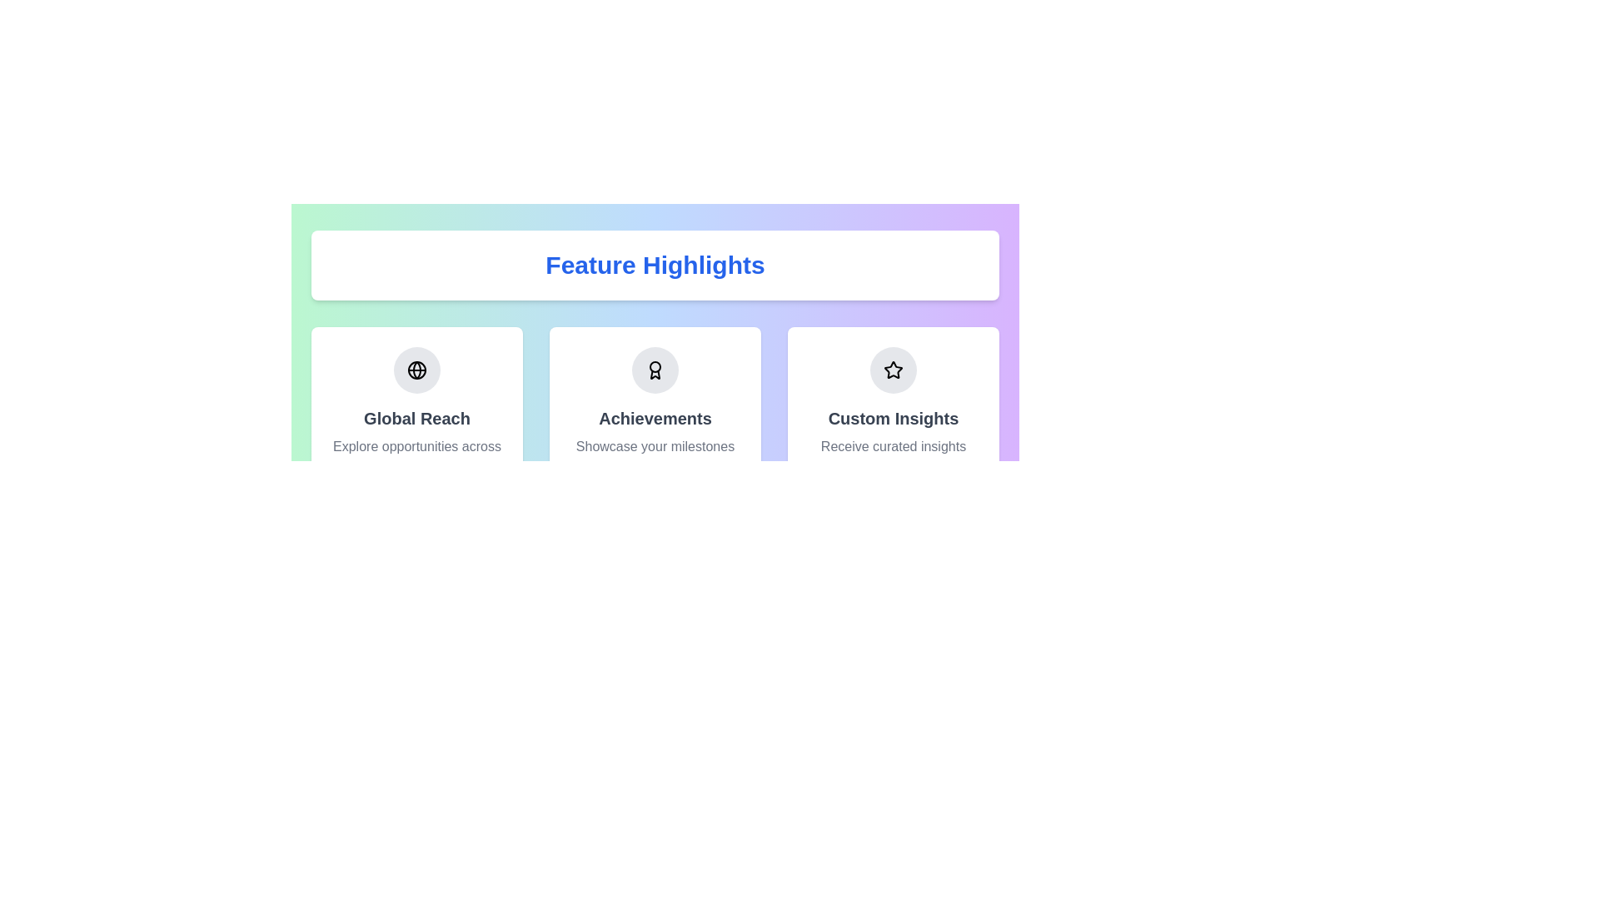  Describe the element at coordinates (416, 417) in the screenshot. I see `the text label that serves as a title within its card, summarizing the topic or feature, located centrally in its card under the 'Feature Highlights' header` at that location.